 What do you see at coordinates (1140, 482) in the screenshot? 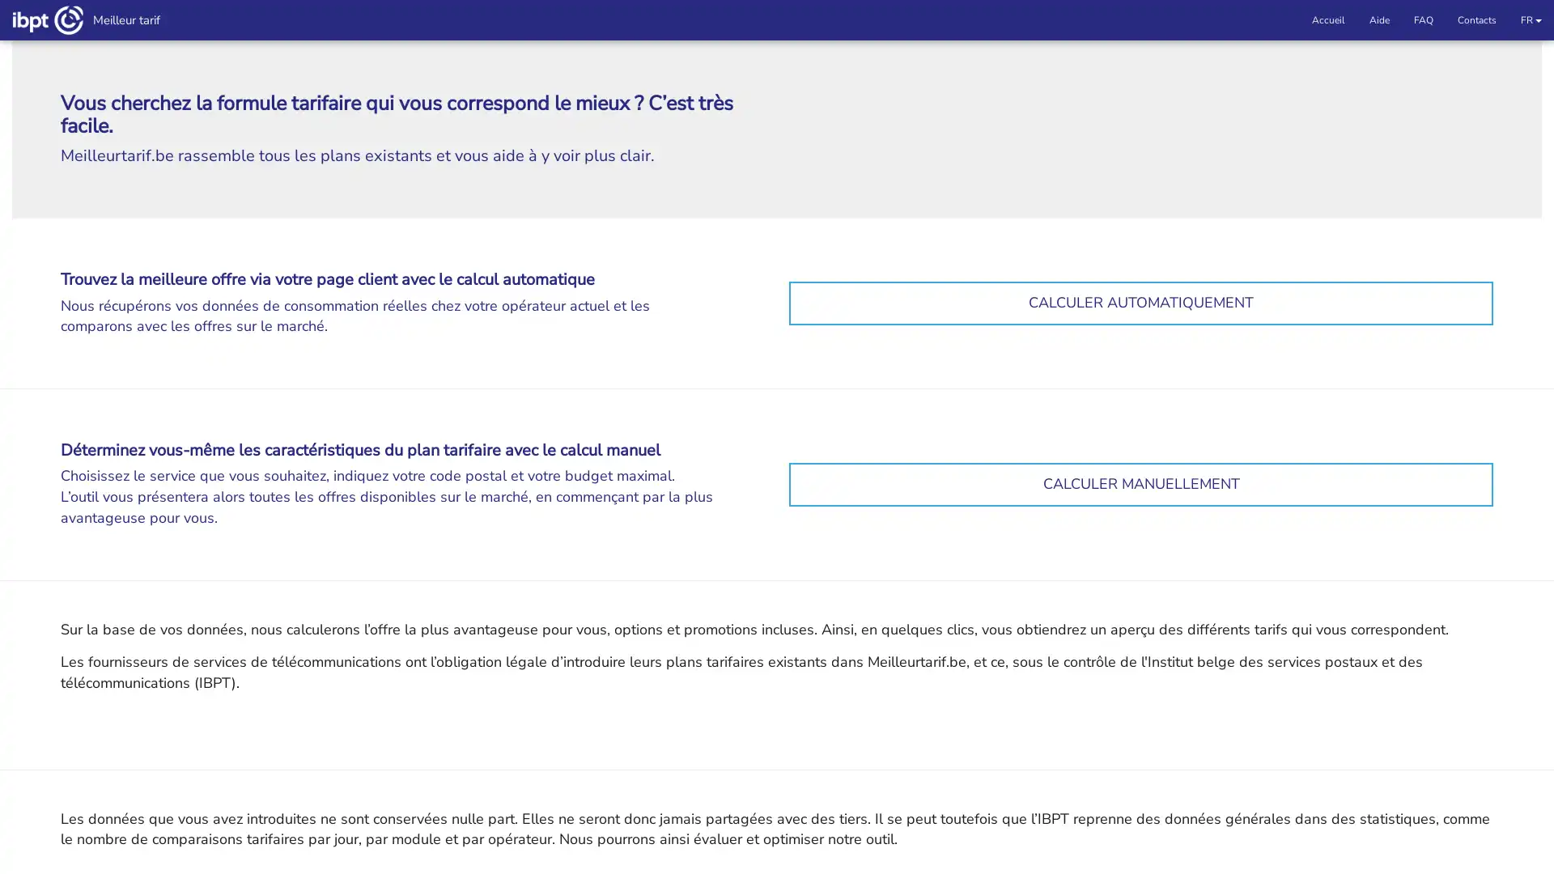
I see `CALCULER MANUELLEMENT` at bounding box center [1140, 482].